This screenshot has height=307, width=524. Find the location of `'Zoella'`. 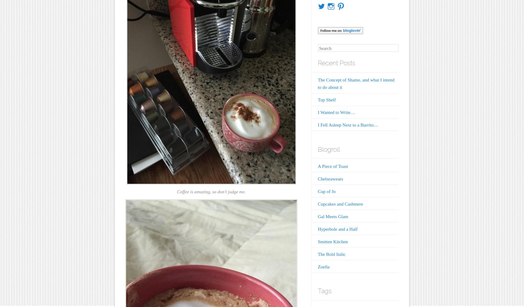

'Zoella' is located at coordinates (323, 267).